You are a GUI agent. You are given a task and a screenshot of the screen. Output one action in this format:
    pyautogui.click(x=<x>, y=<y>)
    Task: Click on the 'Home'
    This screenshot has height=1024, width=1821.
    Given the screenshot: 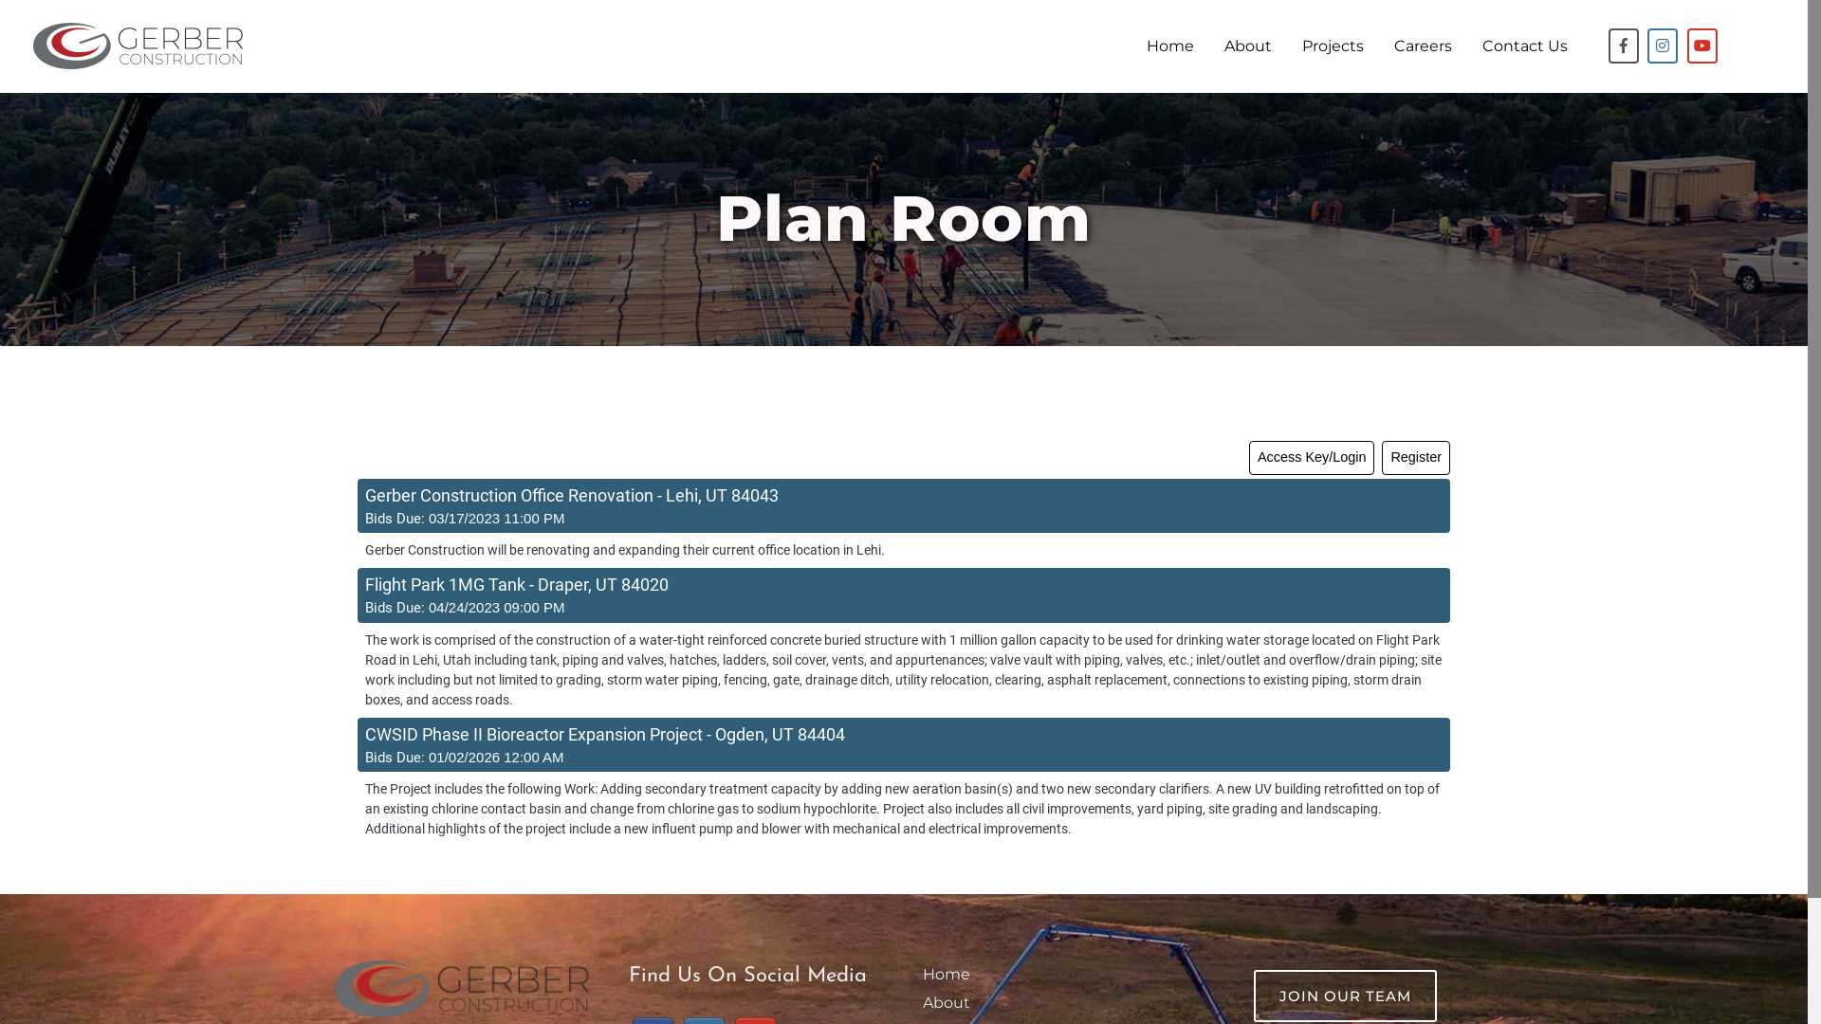 What is the action you would take?
    pyautogui.click(x=1168, y=46)
    